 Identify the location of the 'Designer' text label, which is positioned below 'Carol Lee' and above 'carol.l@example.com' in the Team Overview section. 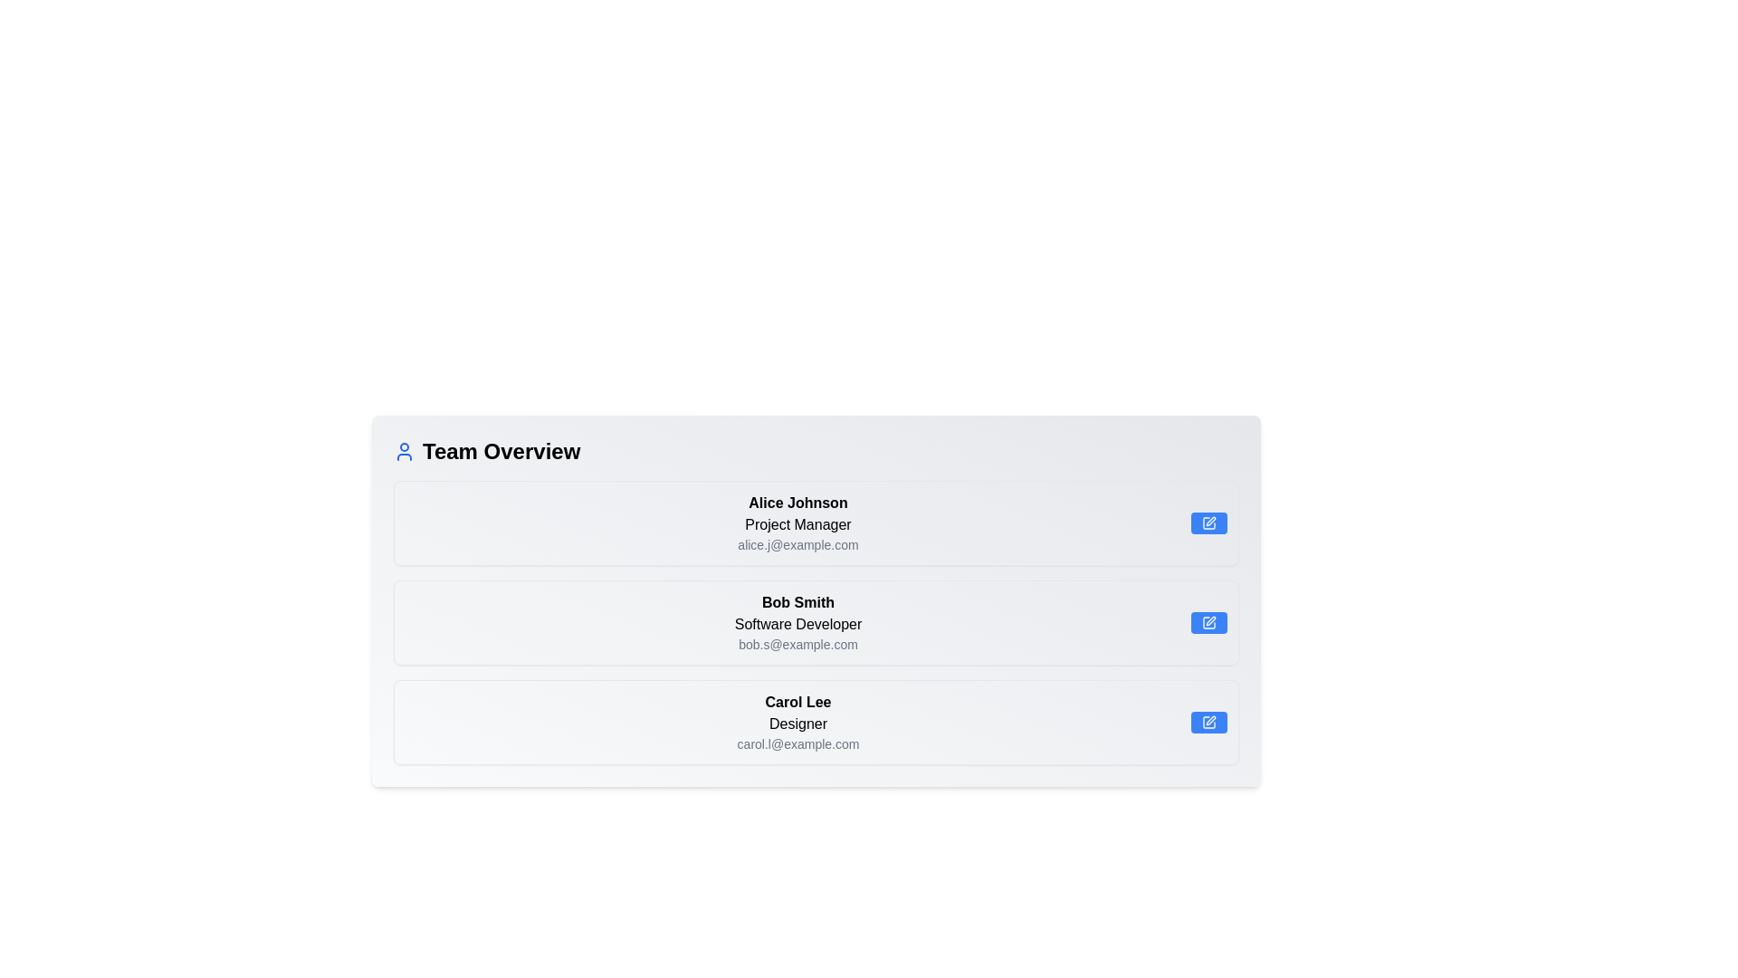
(797, 723).